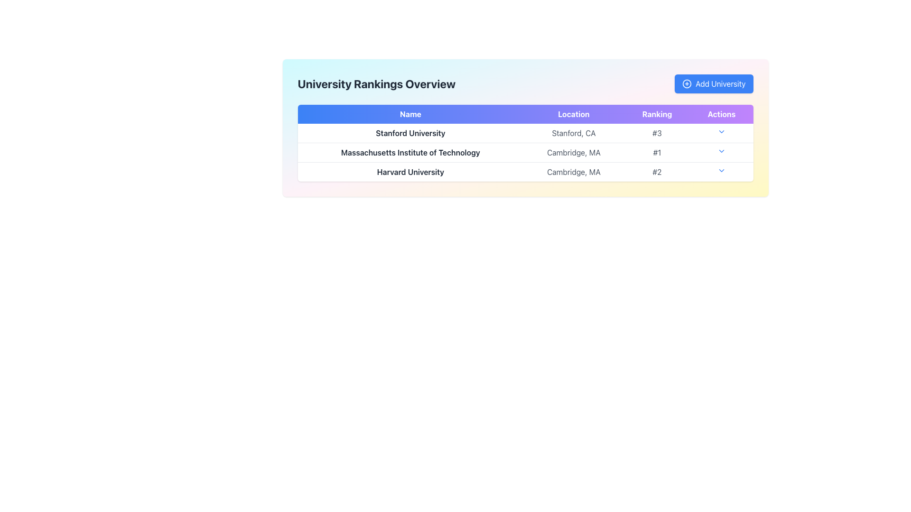  I want to click on the Dropdown Trigger Icon located in the 'Actions' column of the second row for the university 'Massachusetts Institute of Technology', so click(721, 151).